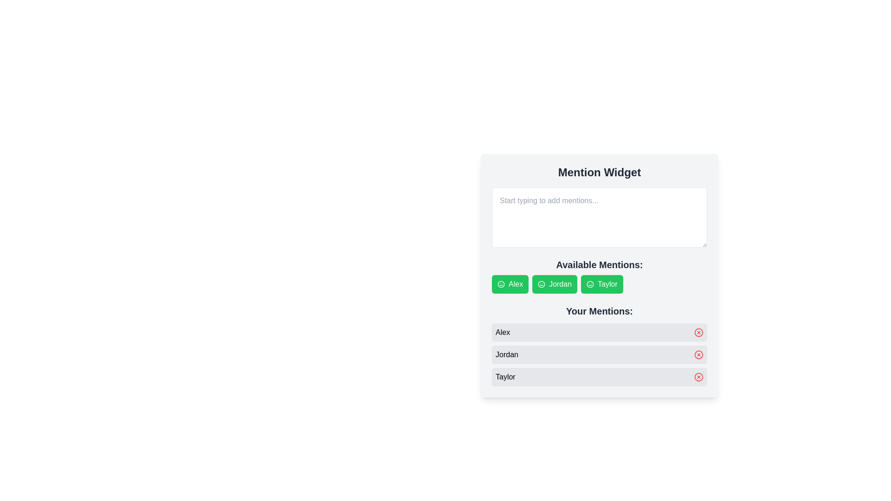 The width and height of the screenshot is (891, 501). What do you see at coordinates (599, 311) in the screenshot?
I see `text label that displays 'Your Mentions:' to understand the section's purpose` at bounding box center [599, 311].